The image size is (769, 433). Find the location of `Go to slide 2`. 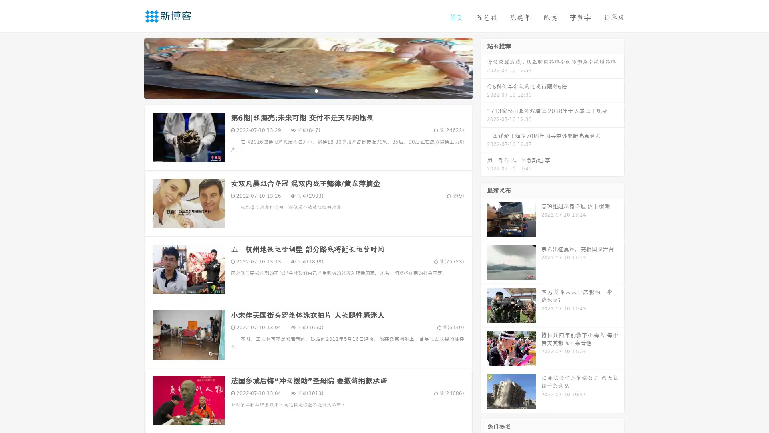

Go to slide 2 is located at coordinates (308, 90).